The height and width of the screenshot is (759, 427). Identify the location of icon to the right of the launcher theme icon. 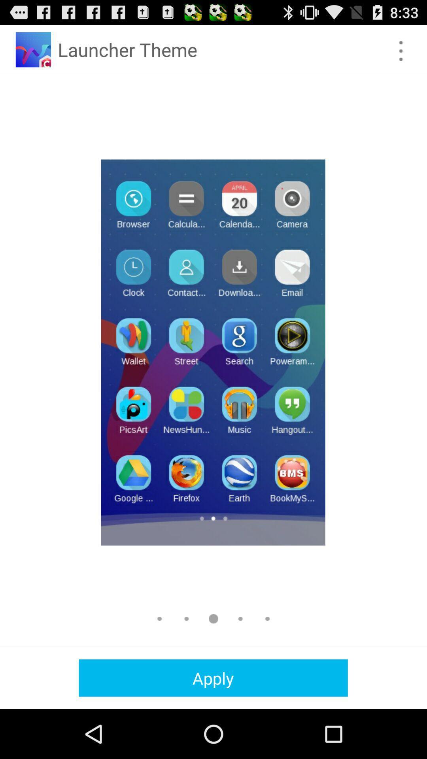
(401, 51).